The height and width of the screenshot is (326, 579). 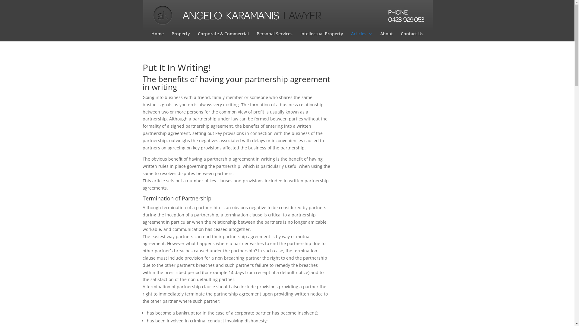 I want to click on 'Personal Services', so click(x=274, y=36).